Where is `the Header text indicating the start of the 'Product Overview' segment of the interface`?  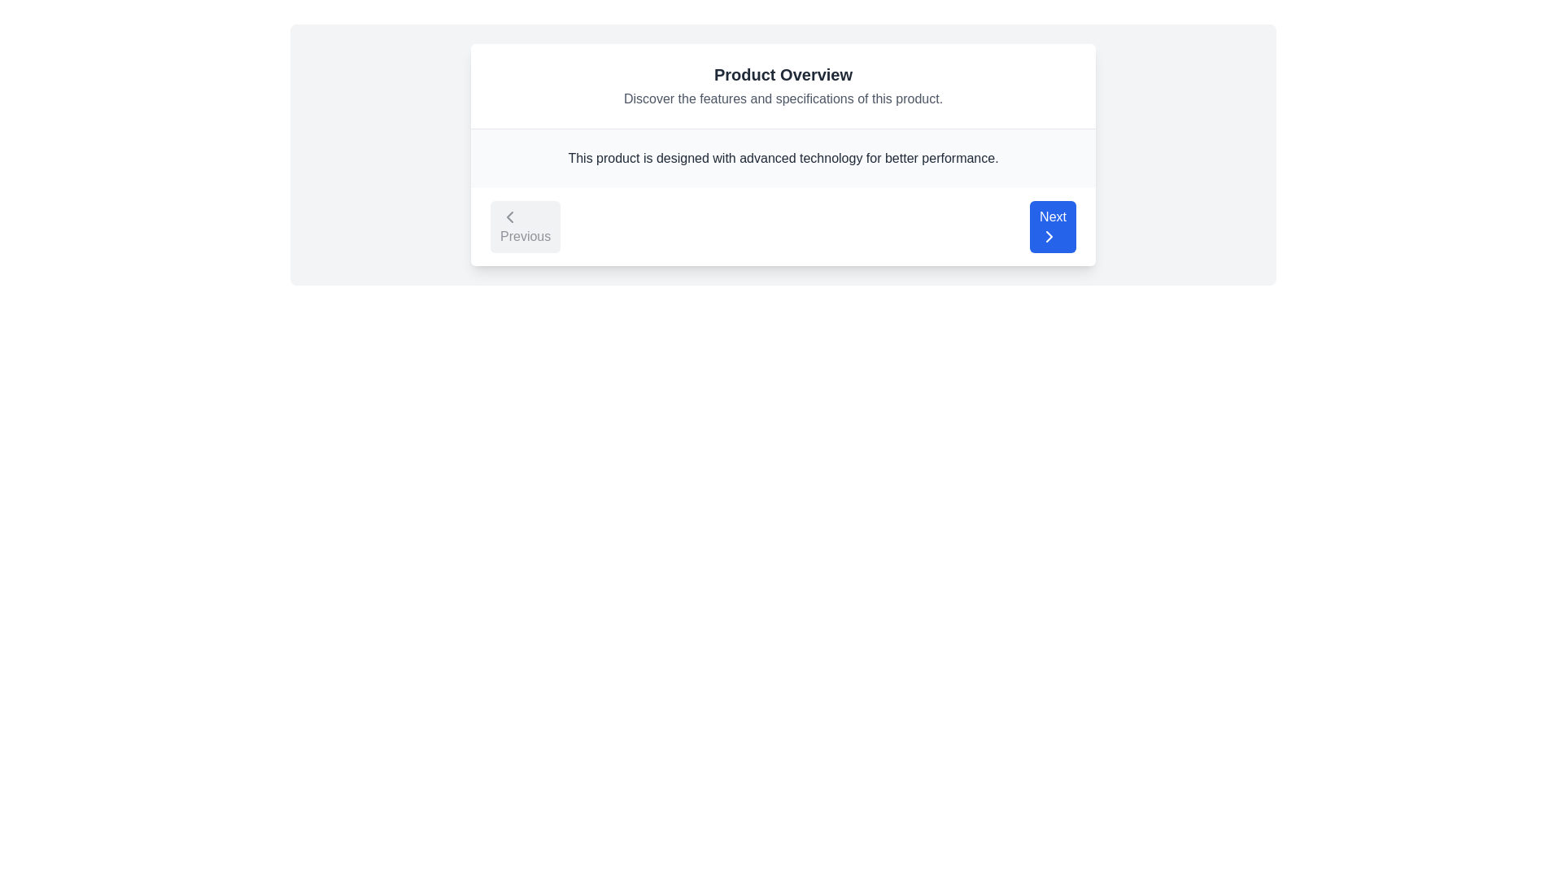
the Header text indicating the start of the 'Product Overview' segment of the interface is located at coordinates (783, 75).